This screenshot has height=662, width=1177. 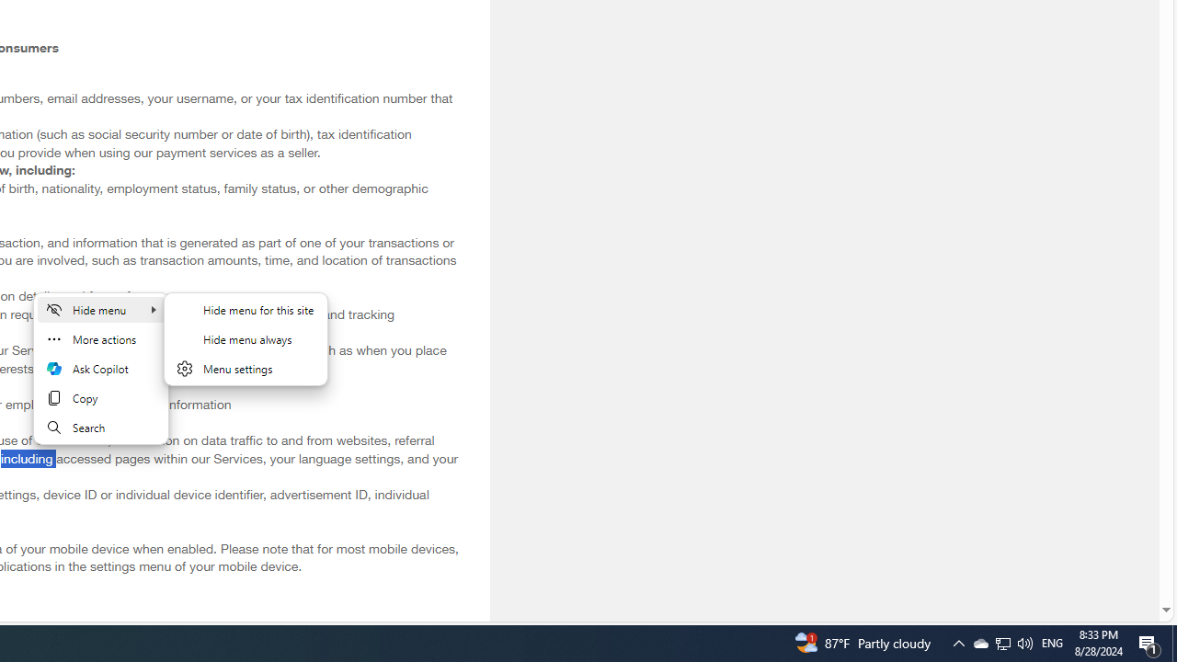 What do you see at coordinates (100, 308) in the screenshot?
I see `'Hide menu'` at bounding box center [100, 308].